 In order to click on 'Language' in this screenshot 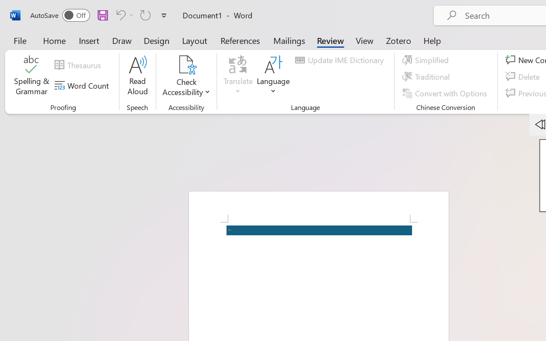, I will do `click(273, 76)`.